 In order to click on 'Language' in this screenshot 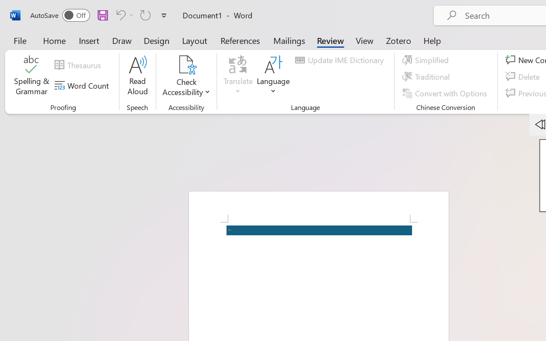, I will do `click(273, 76)`.